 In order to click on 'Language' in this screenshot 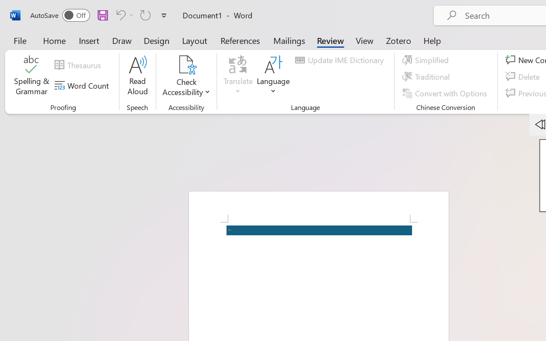, I will do `click(273, 76)`.